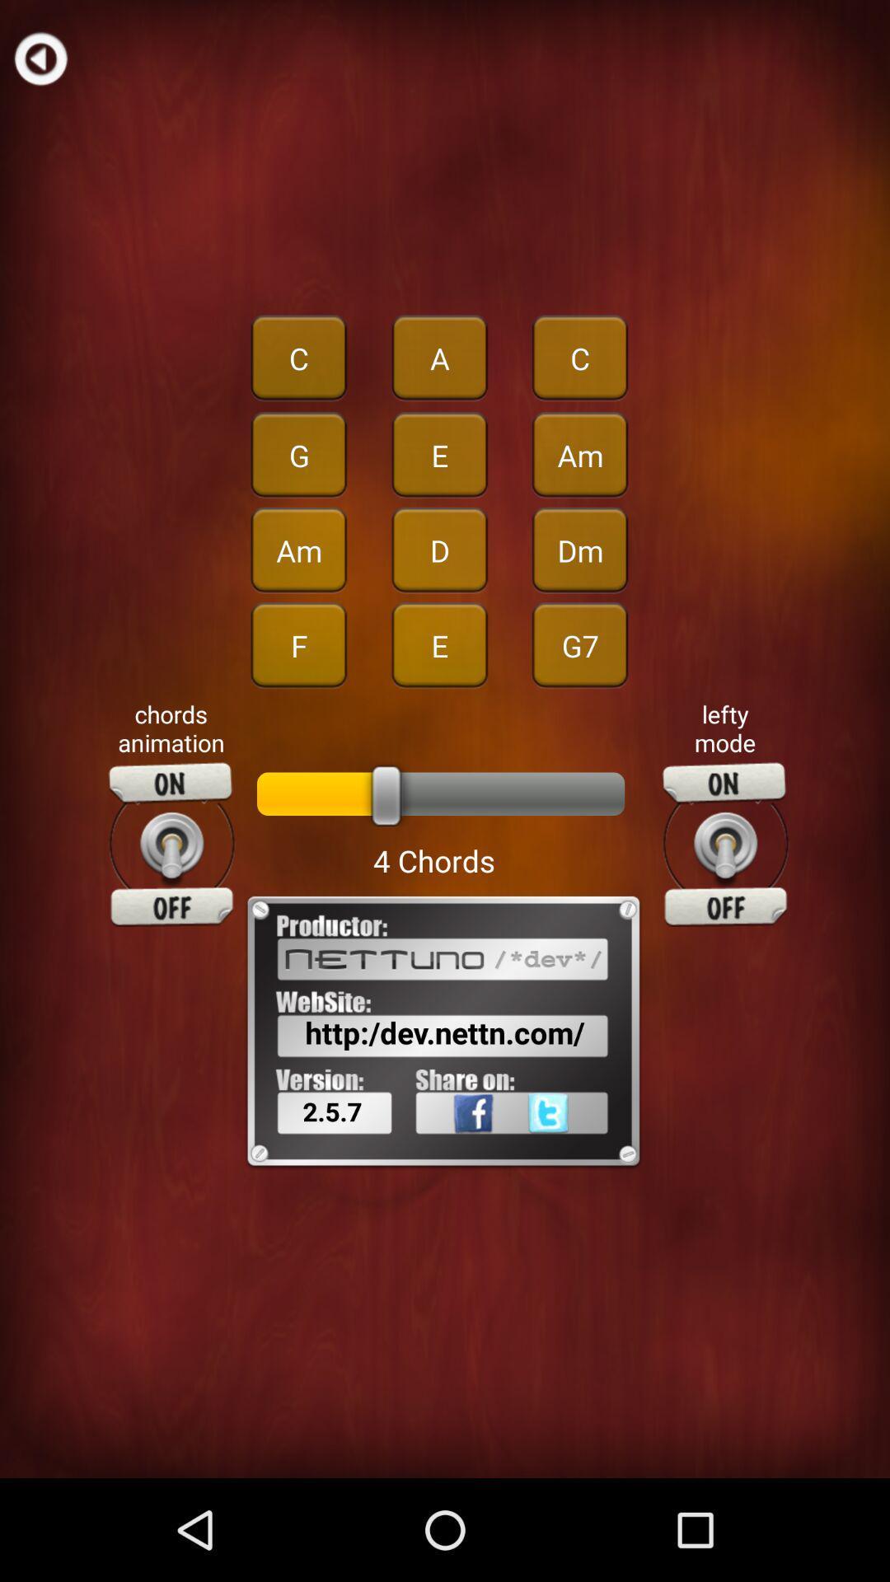 The width and height of the screenshot is (890, 1582). Describe the element at coordinates (40, 58) in the screenshot. I see `go back` at that location.